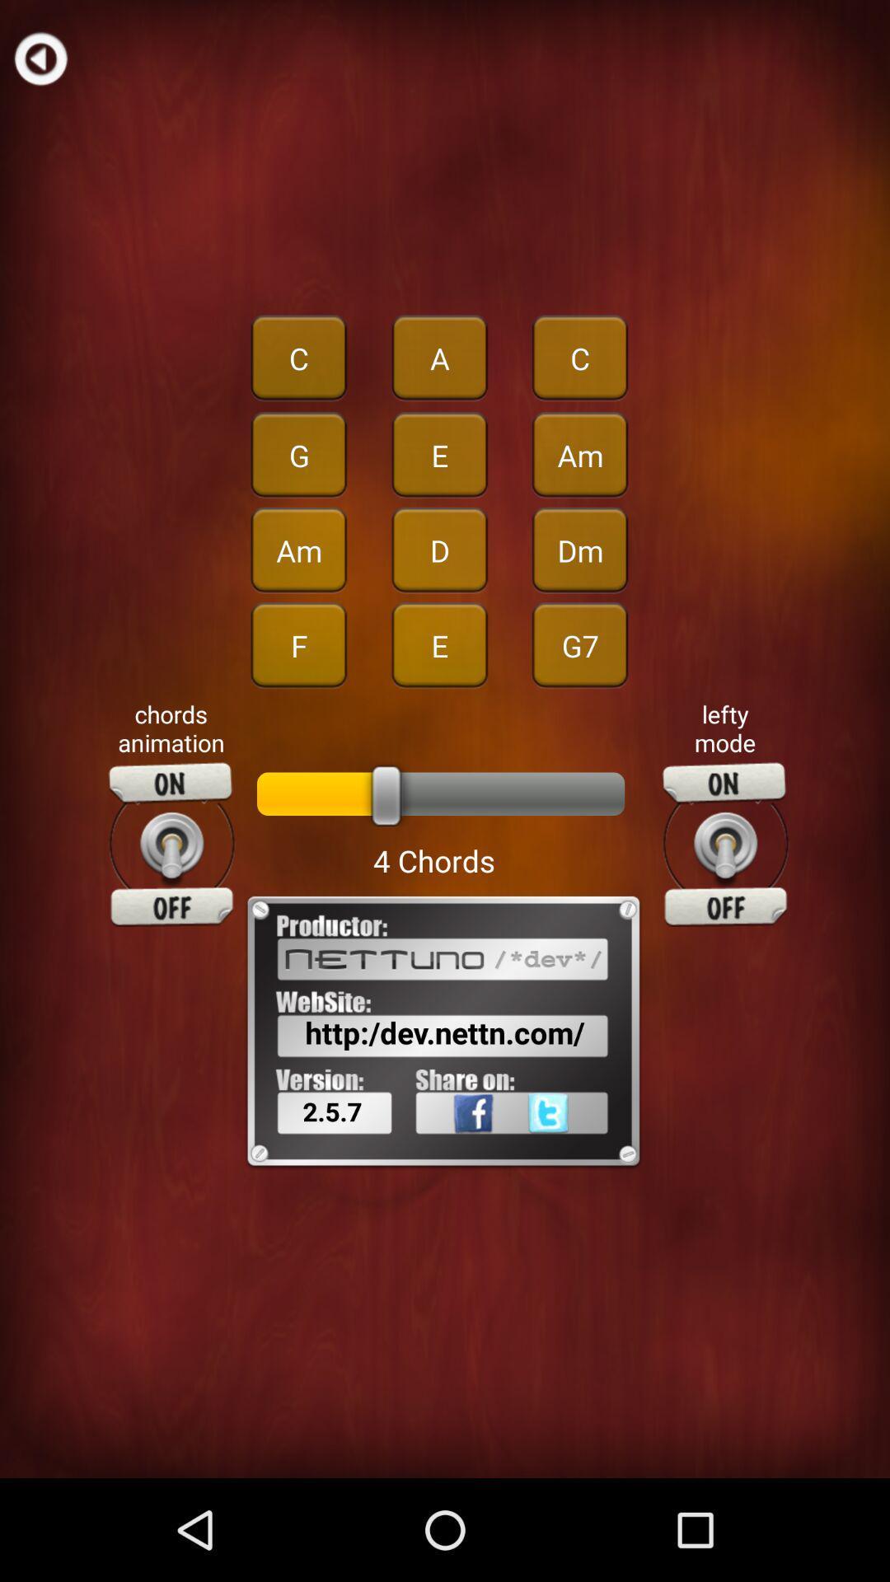 The width and height of the screenshot is (890, 1582). Describe the element at coordinates (40, 58) in the screenshot. I see `go back` at that location.